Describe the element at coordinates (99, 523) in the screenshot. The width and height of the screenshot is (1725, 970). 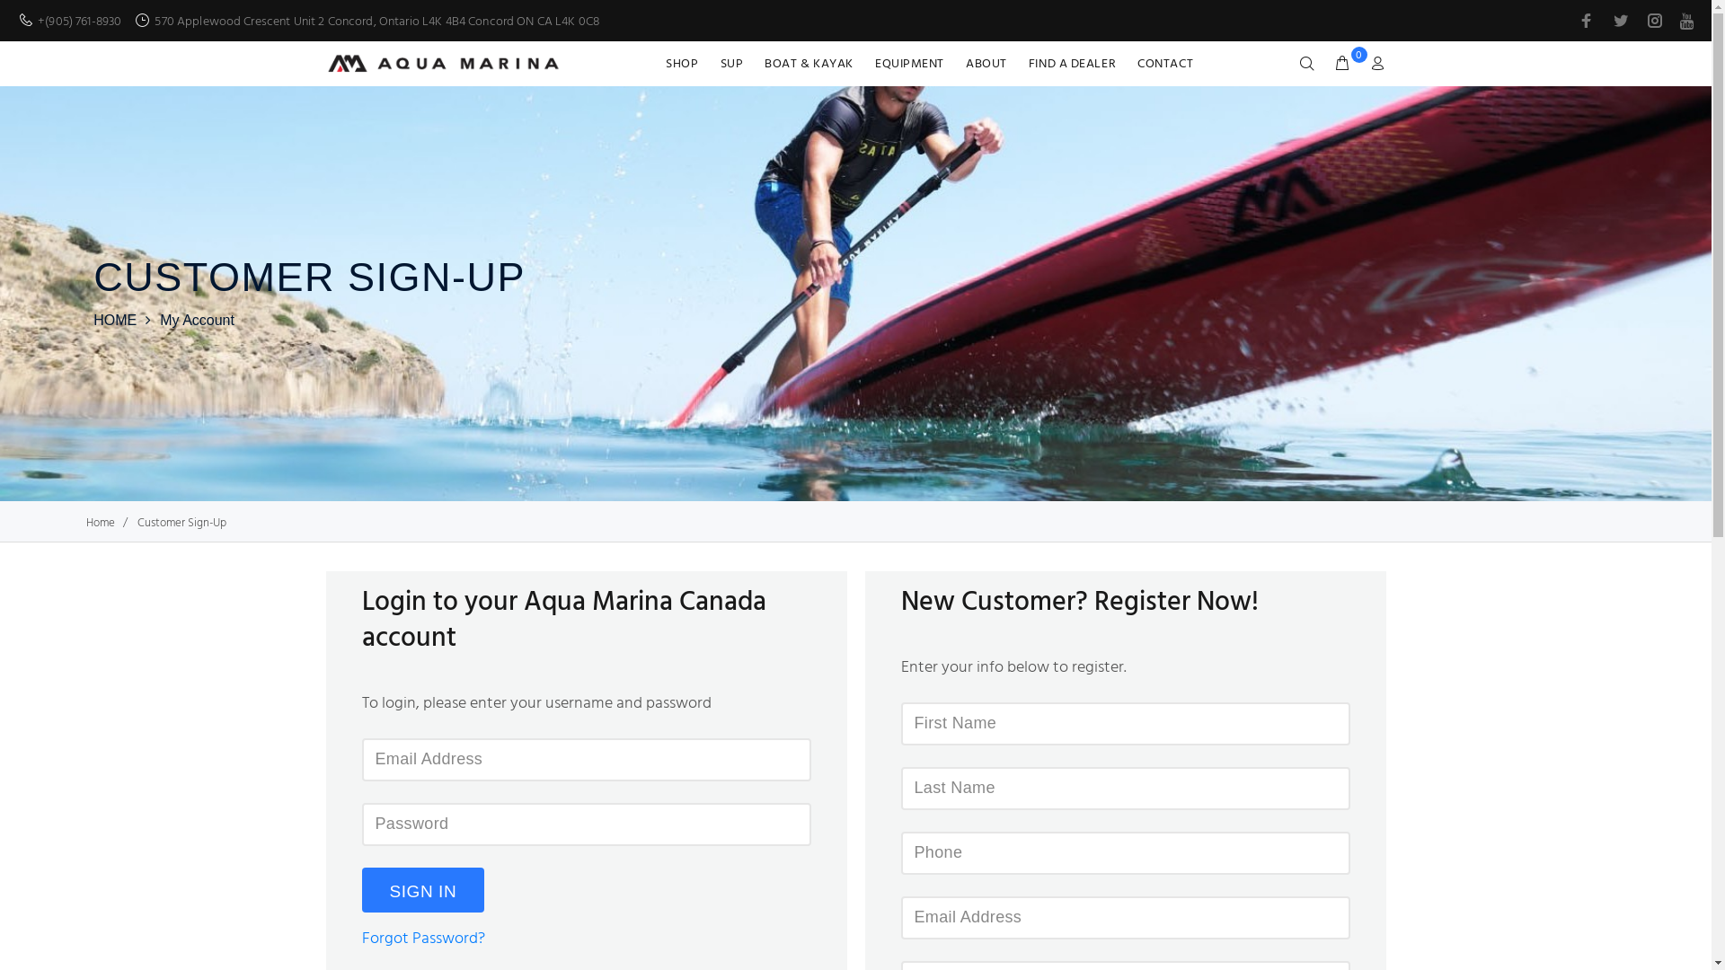
I see `'Home'` at that location.